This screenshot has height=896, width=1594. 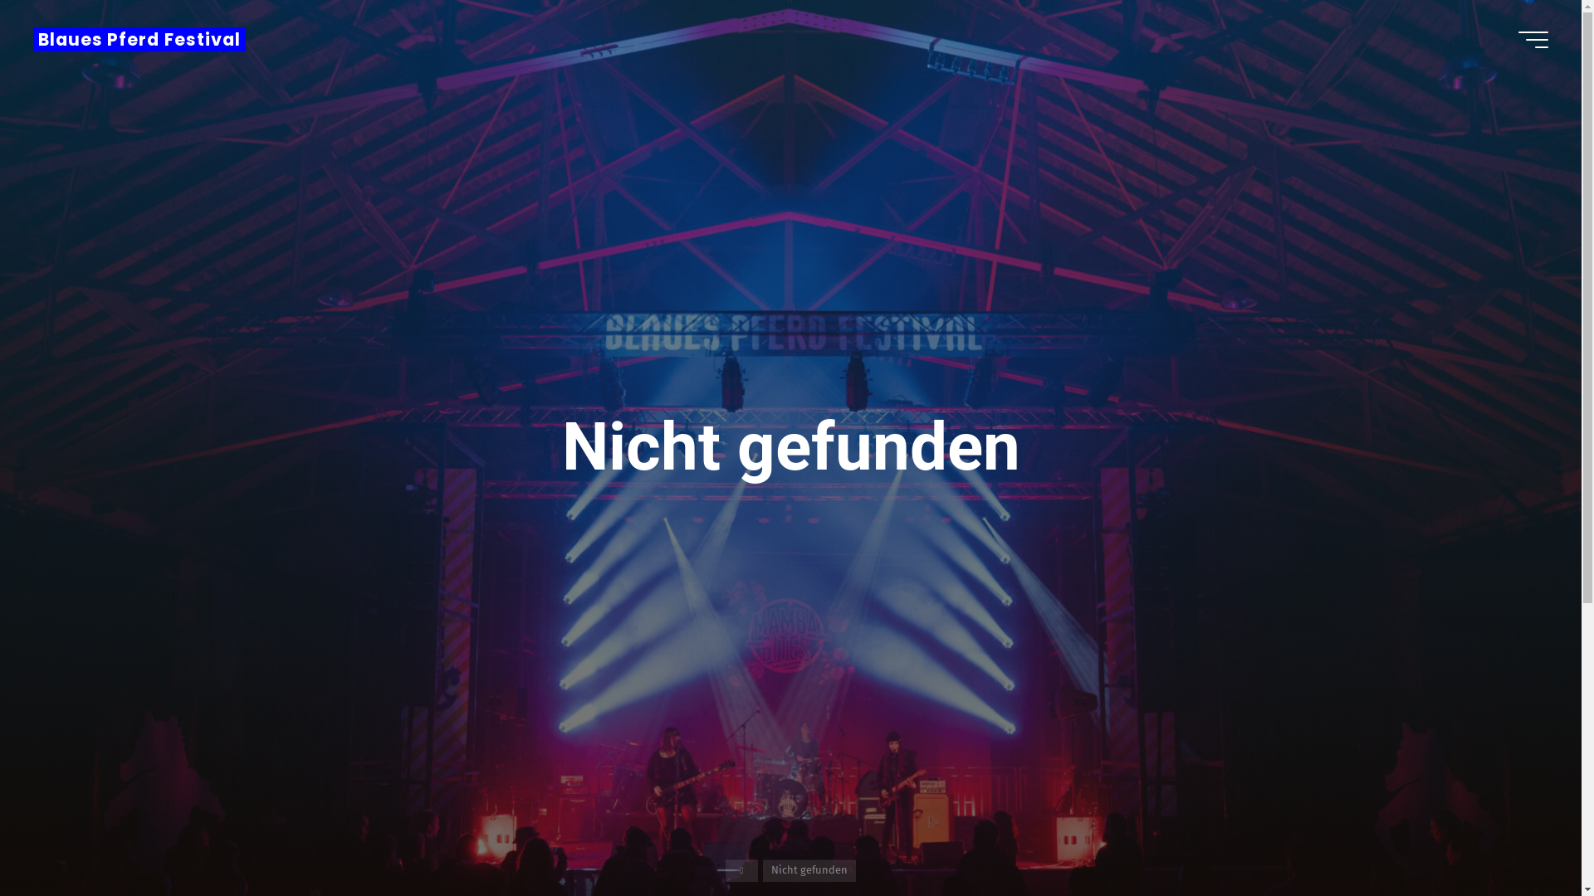 What do you see at coordinates (789, 792) in the screenshot?
I see `'Weiterlesen'` at bounding box center [789, 792].